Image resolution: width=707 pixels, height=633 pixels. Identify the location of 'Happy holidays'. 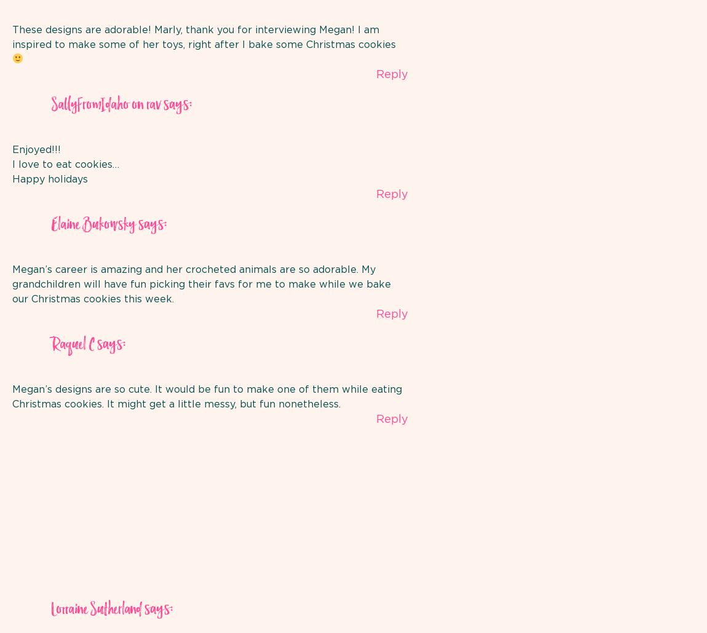
(49, 178).